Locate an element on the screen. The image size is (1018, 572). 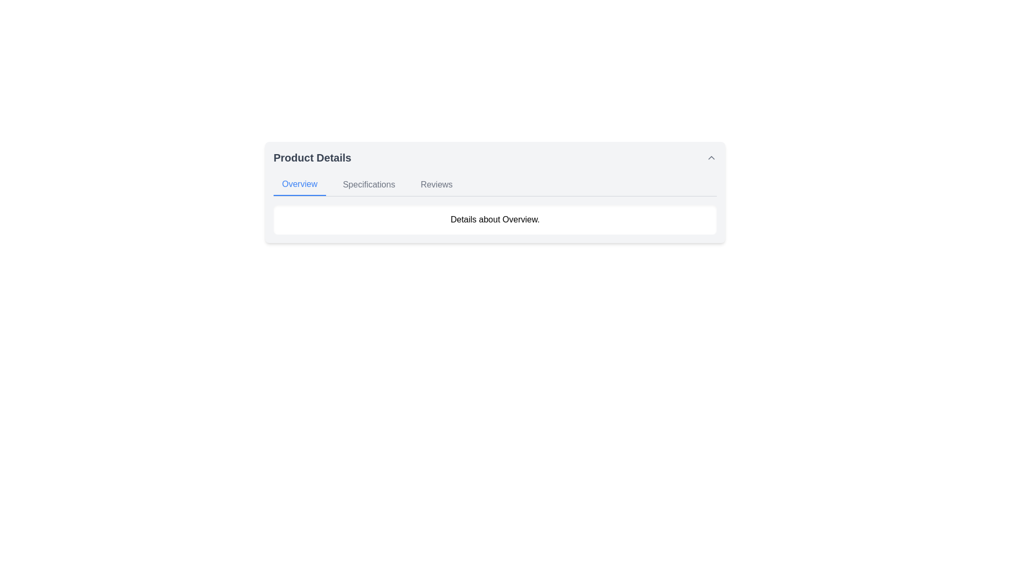
the 'Specifications' navigation tab, which is a gray text label that changes to a darker gray on hover, located between 'Overview' and 'Reviews' is located at coordinates (369, 184).